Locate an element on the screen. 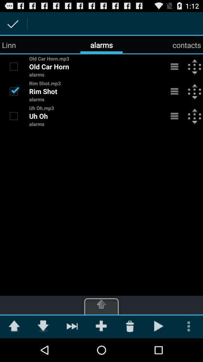 Image resolution: width=203 pixels, height=362 pixels. open settings is located at coordinates (174, 66).